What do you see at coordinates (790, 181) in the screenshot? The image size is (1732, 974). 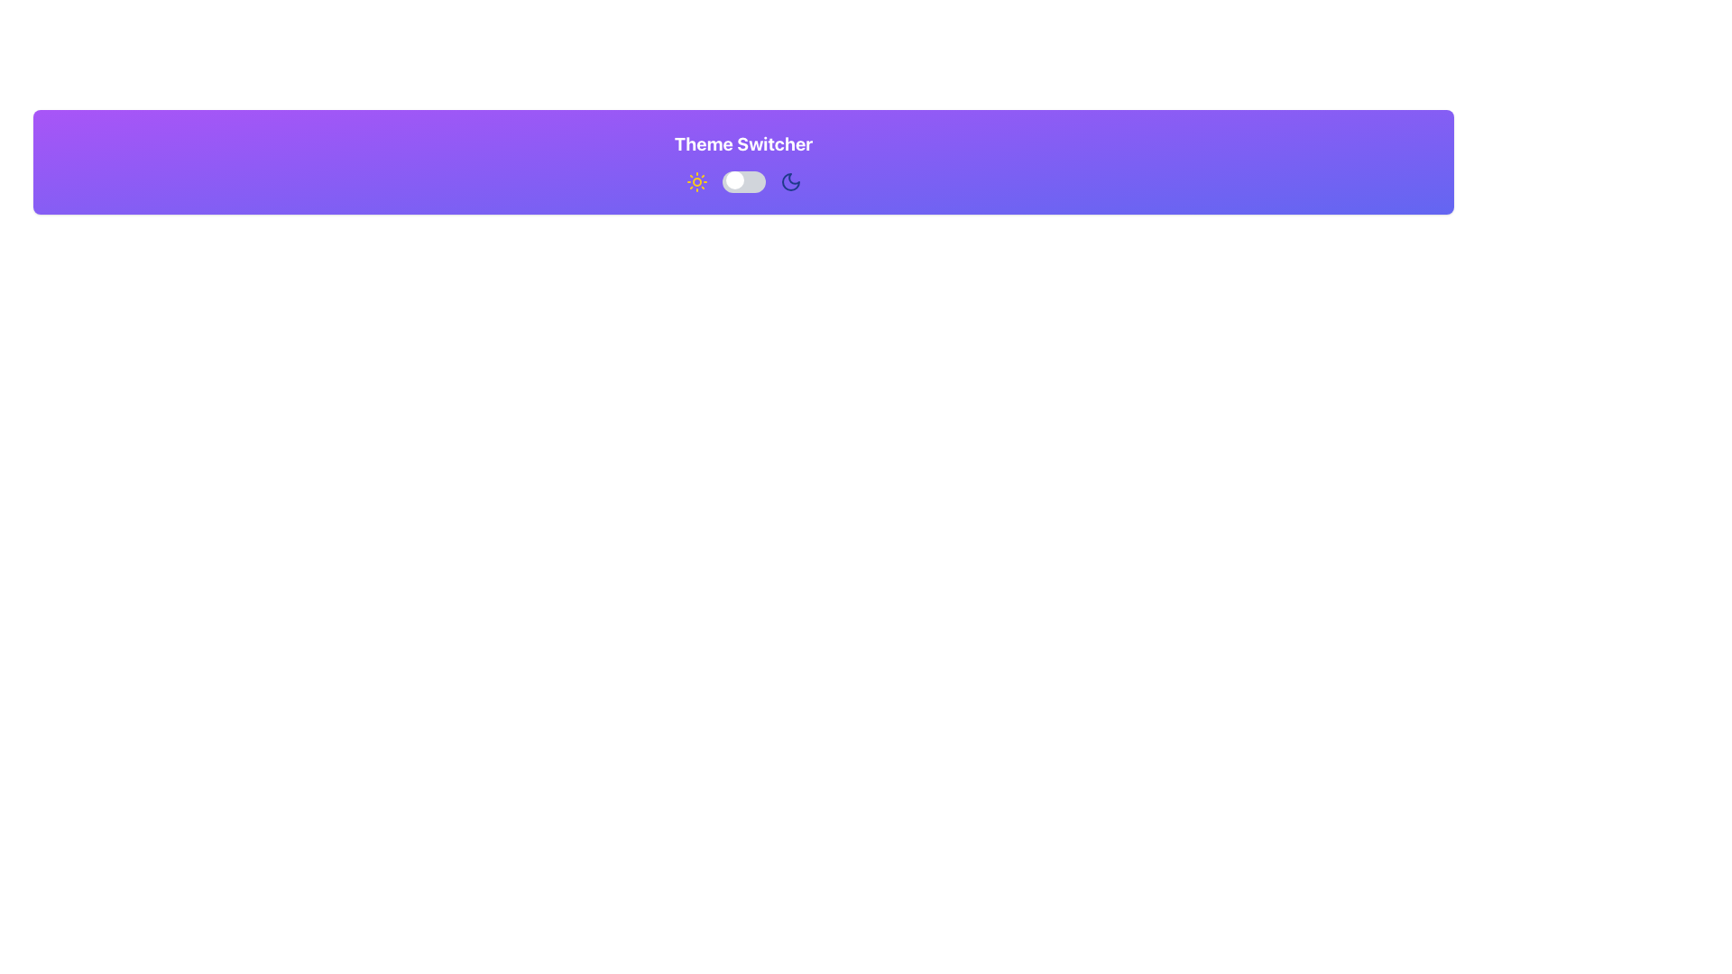 I see `the graphic icon for switching to night or dark mode, which is the third item in the 'Theme Switcher' group, located between the toggle button and the group boundary` at bounding box center [790, 181].